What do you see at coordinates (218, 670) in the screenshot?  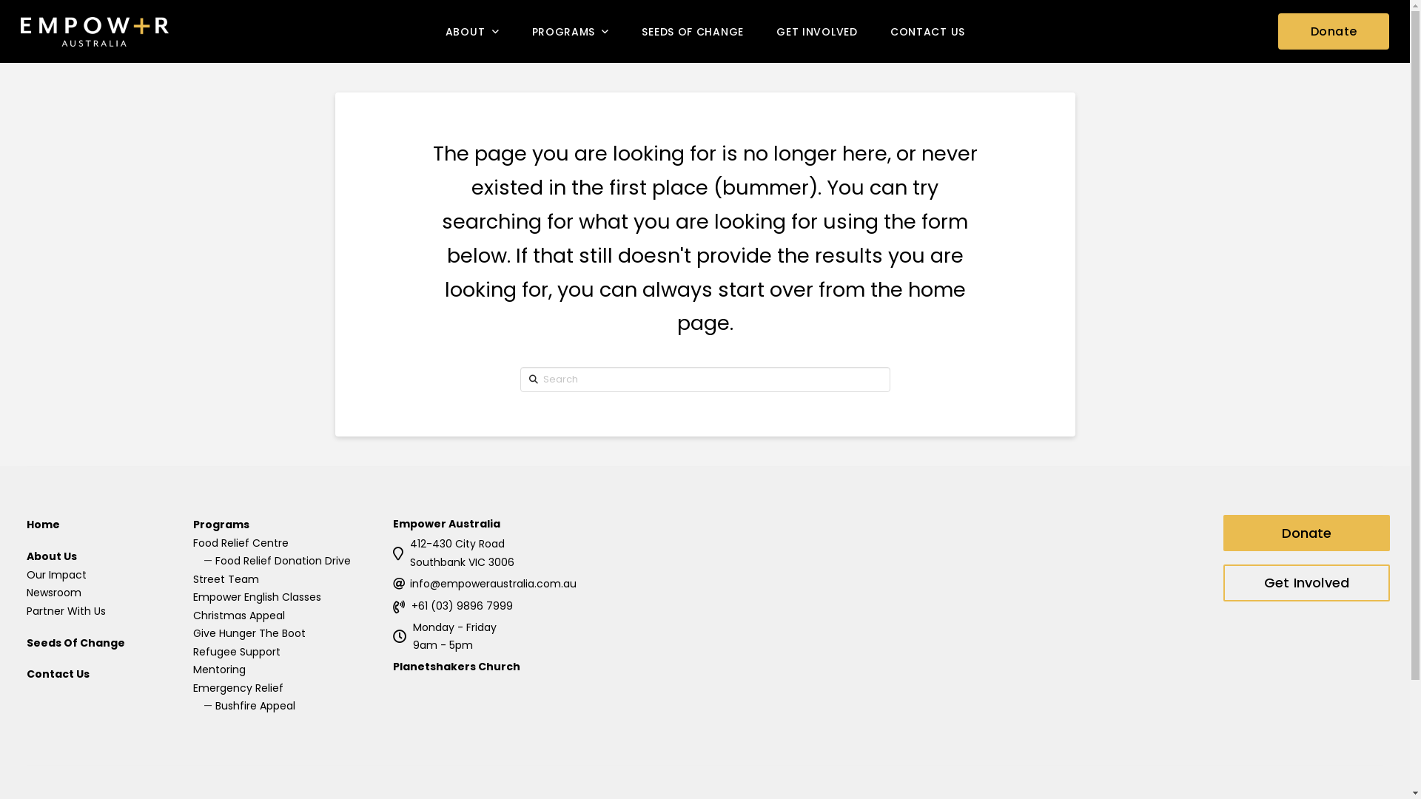 I see `'Mentoring'` at bounding box center [218, 670].